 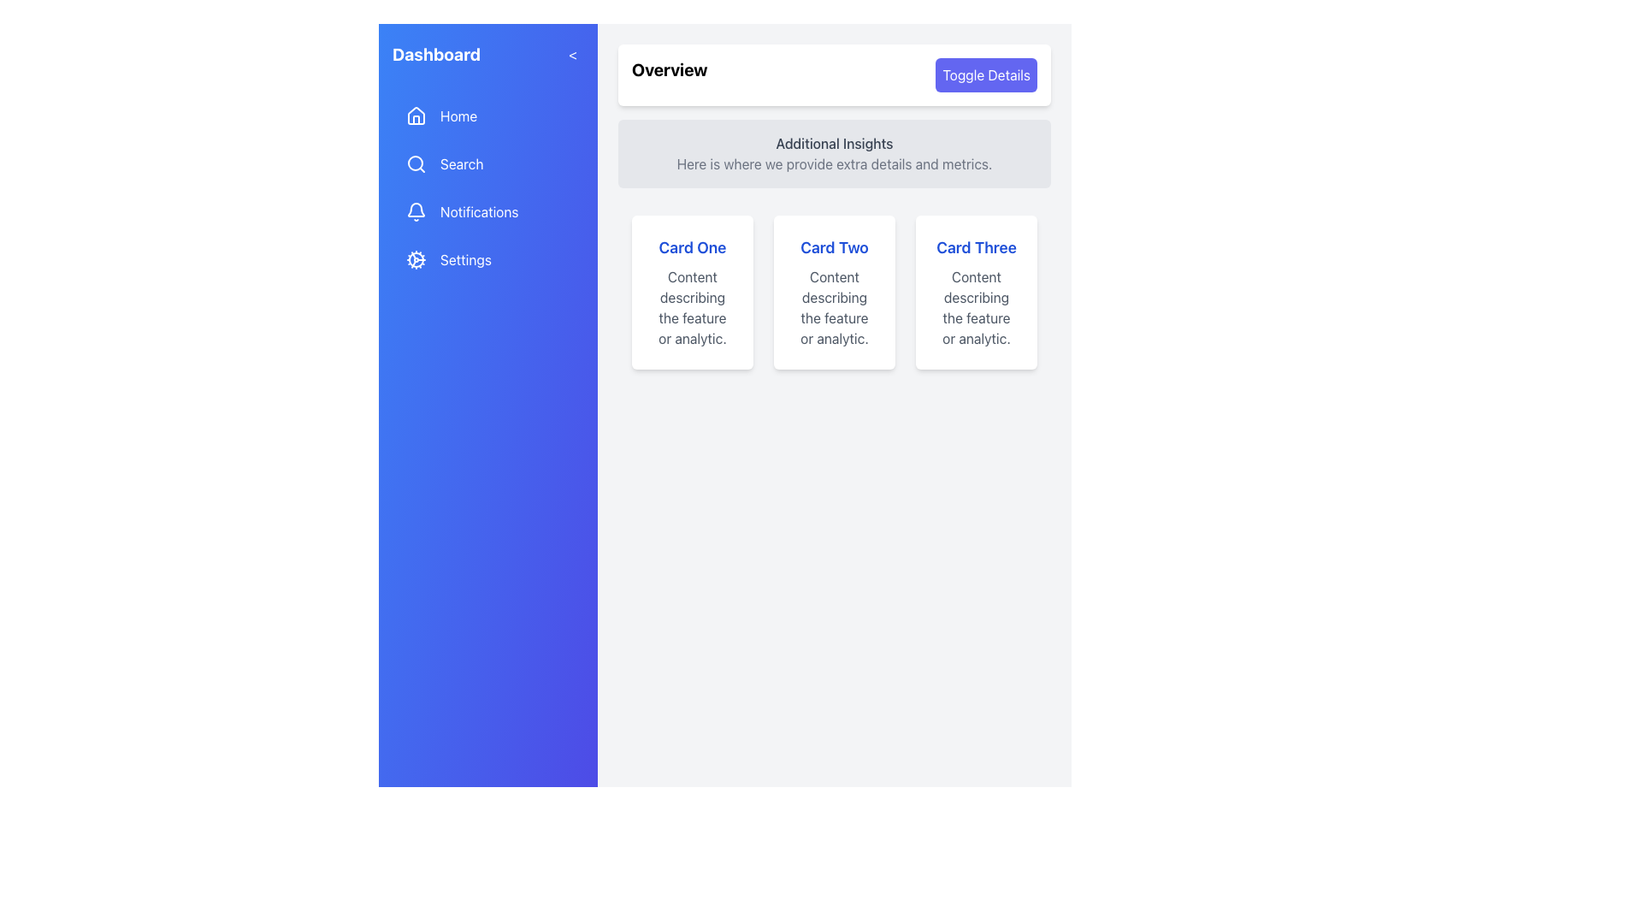 I want to click on the house icon located at the top of the vertical navigation menu, which is represented in a simple line-drawn style with a square base and triangular roof, so click(x=416, y=115).